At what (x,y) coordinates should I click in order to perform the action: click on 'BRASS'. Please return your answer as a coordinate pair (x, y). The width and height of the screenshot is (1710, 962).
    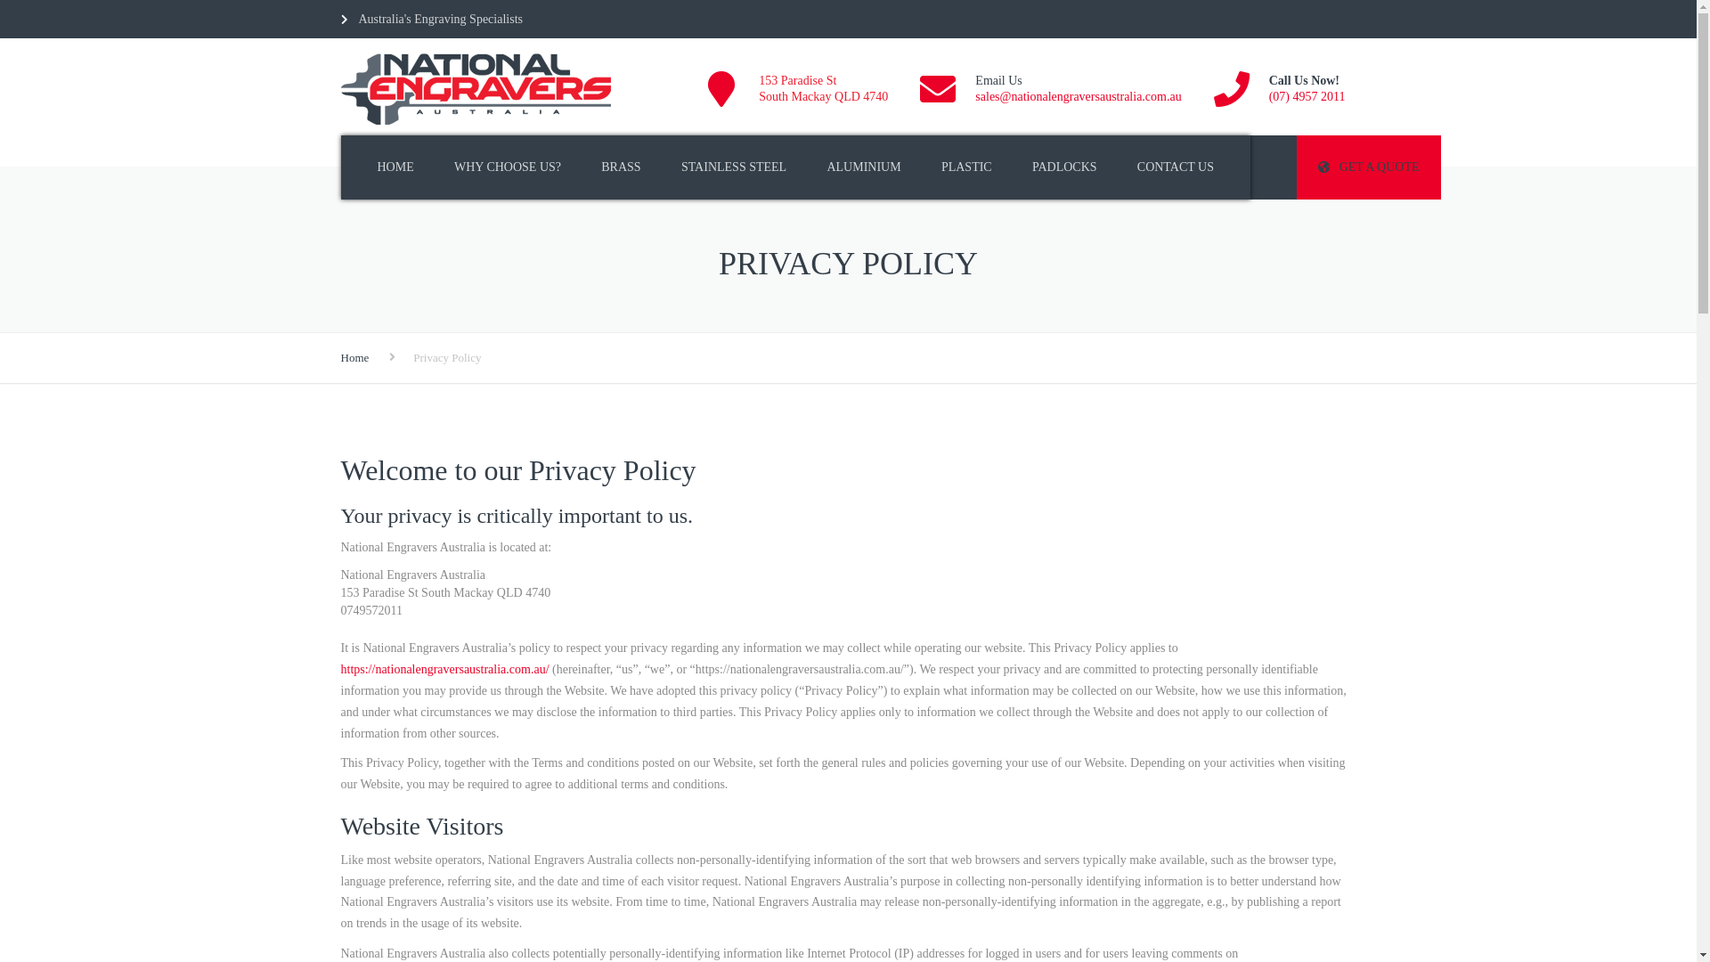
    Looking at the image, I should click on (582, 167).